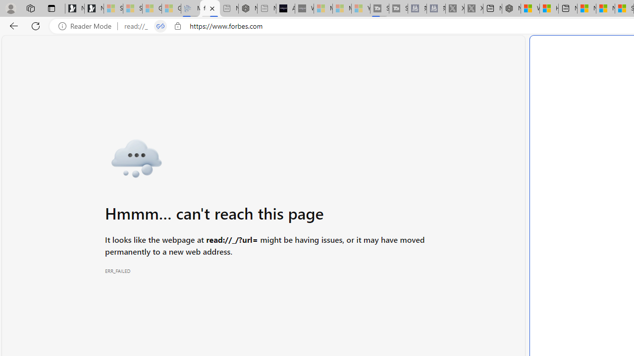 This screenshot has height=356, width=634. Describe the element at coordinates (473, 8) in the screenshot. I see `'X - Sleeping'` at that location.